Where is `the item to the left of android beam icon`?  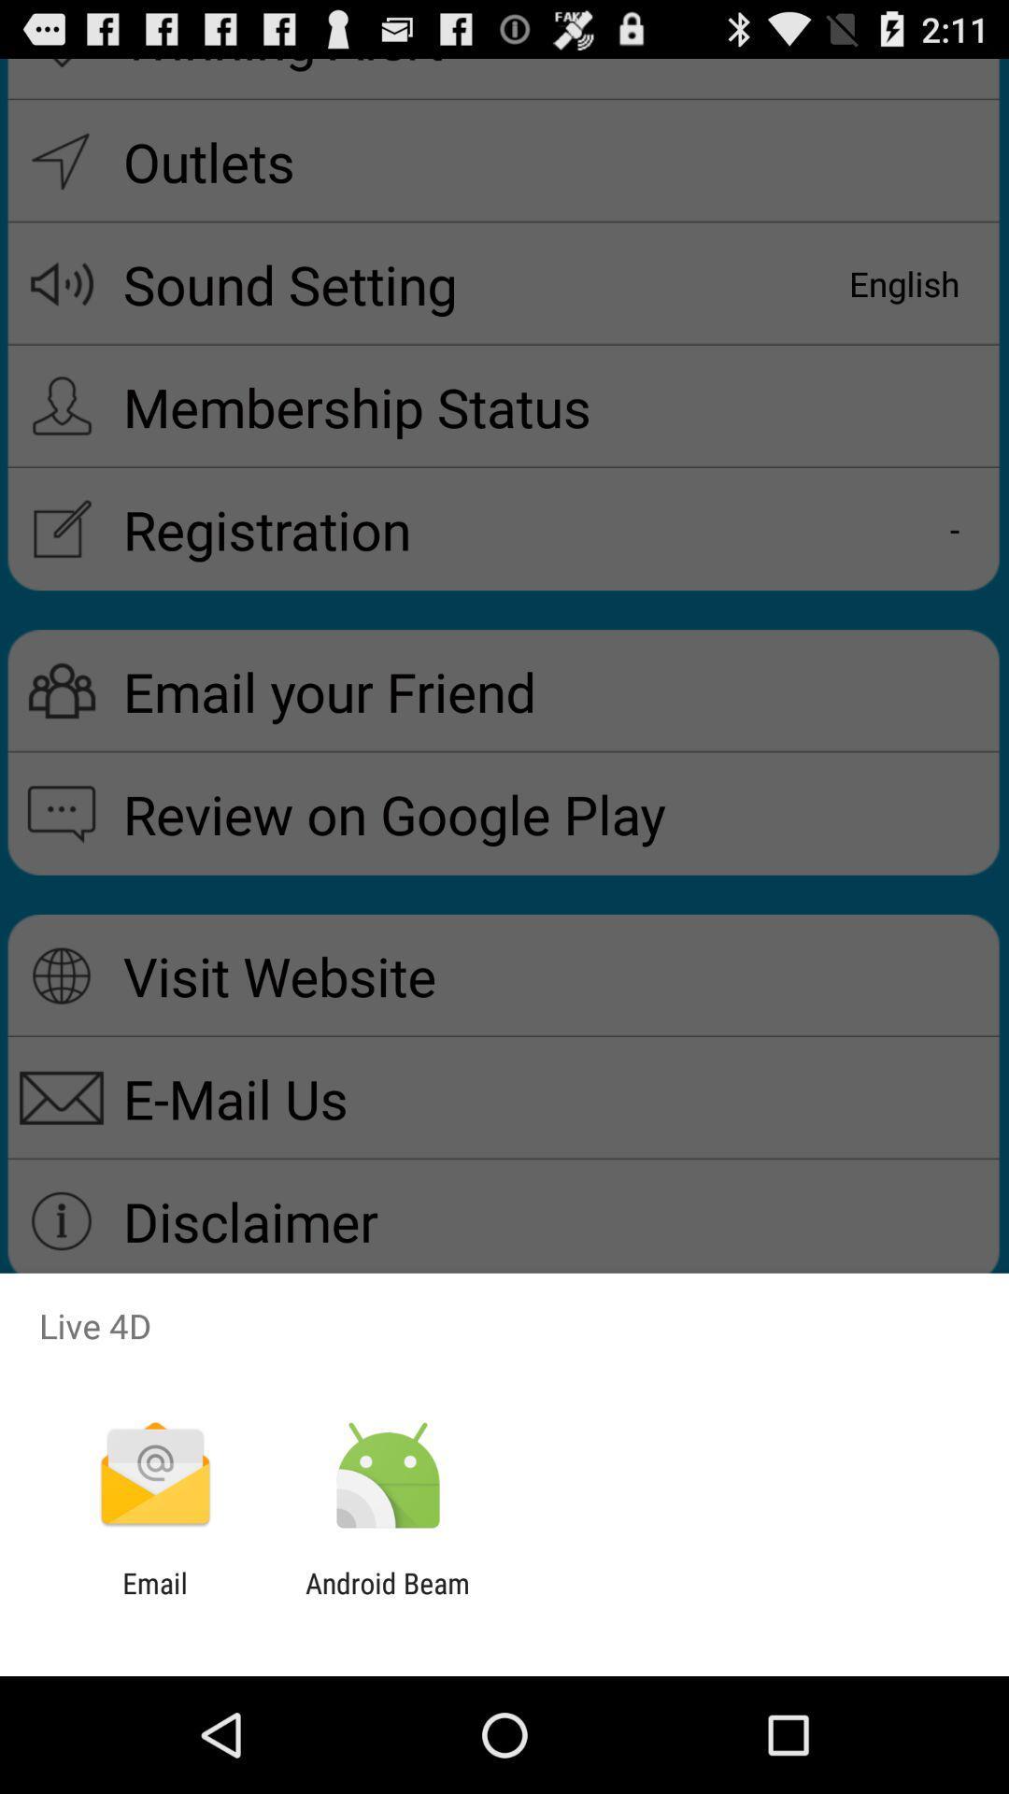
the item to the left of android beam icon is located at coordinates (154, 1599).